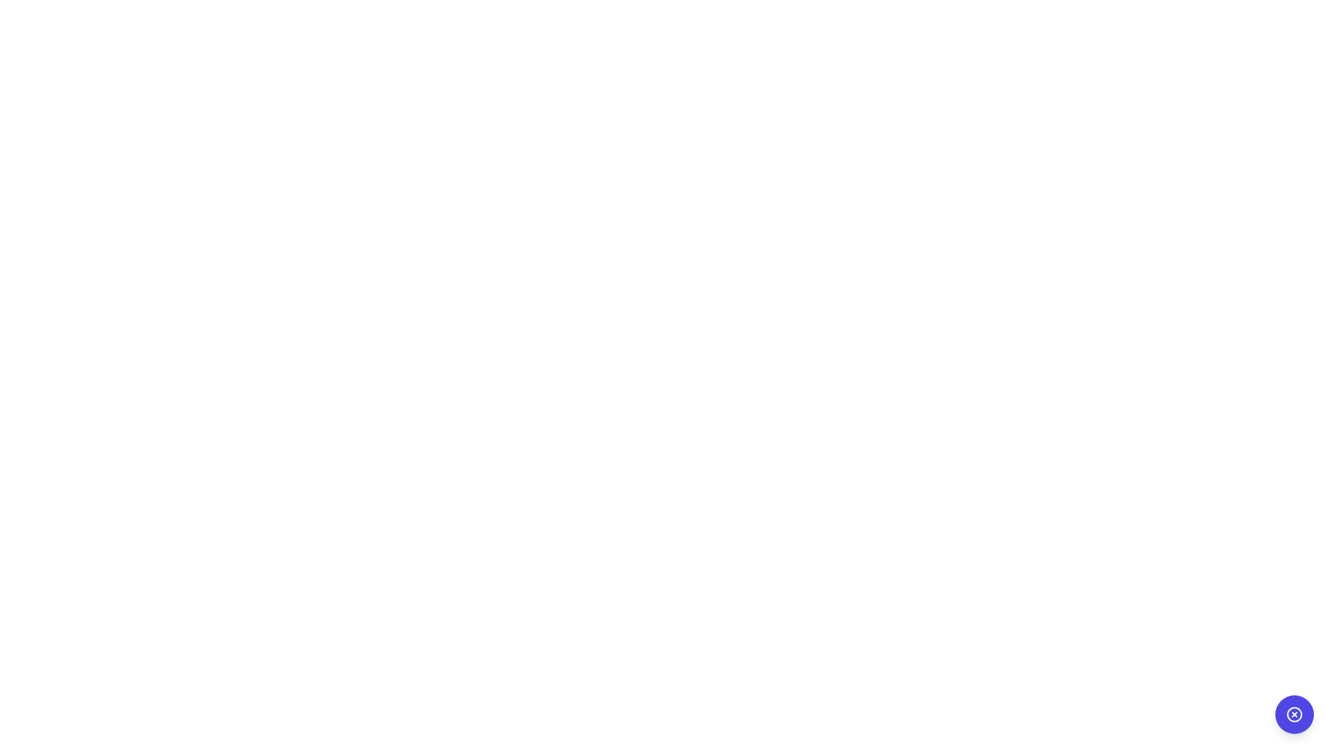  What do you see at coordinates (1294, 714) in the screenshot?
I see `the decorative icon located in the bottom-right corner of the circular blue button, which visually indicates a close or cancel action` at bounding box center [1294, 714].